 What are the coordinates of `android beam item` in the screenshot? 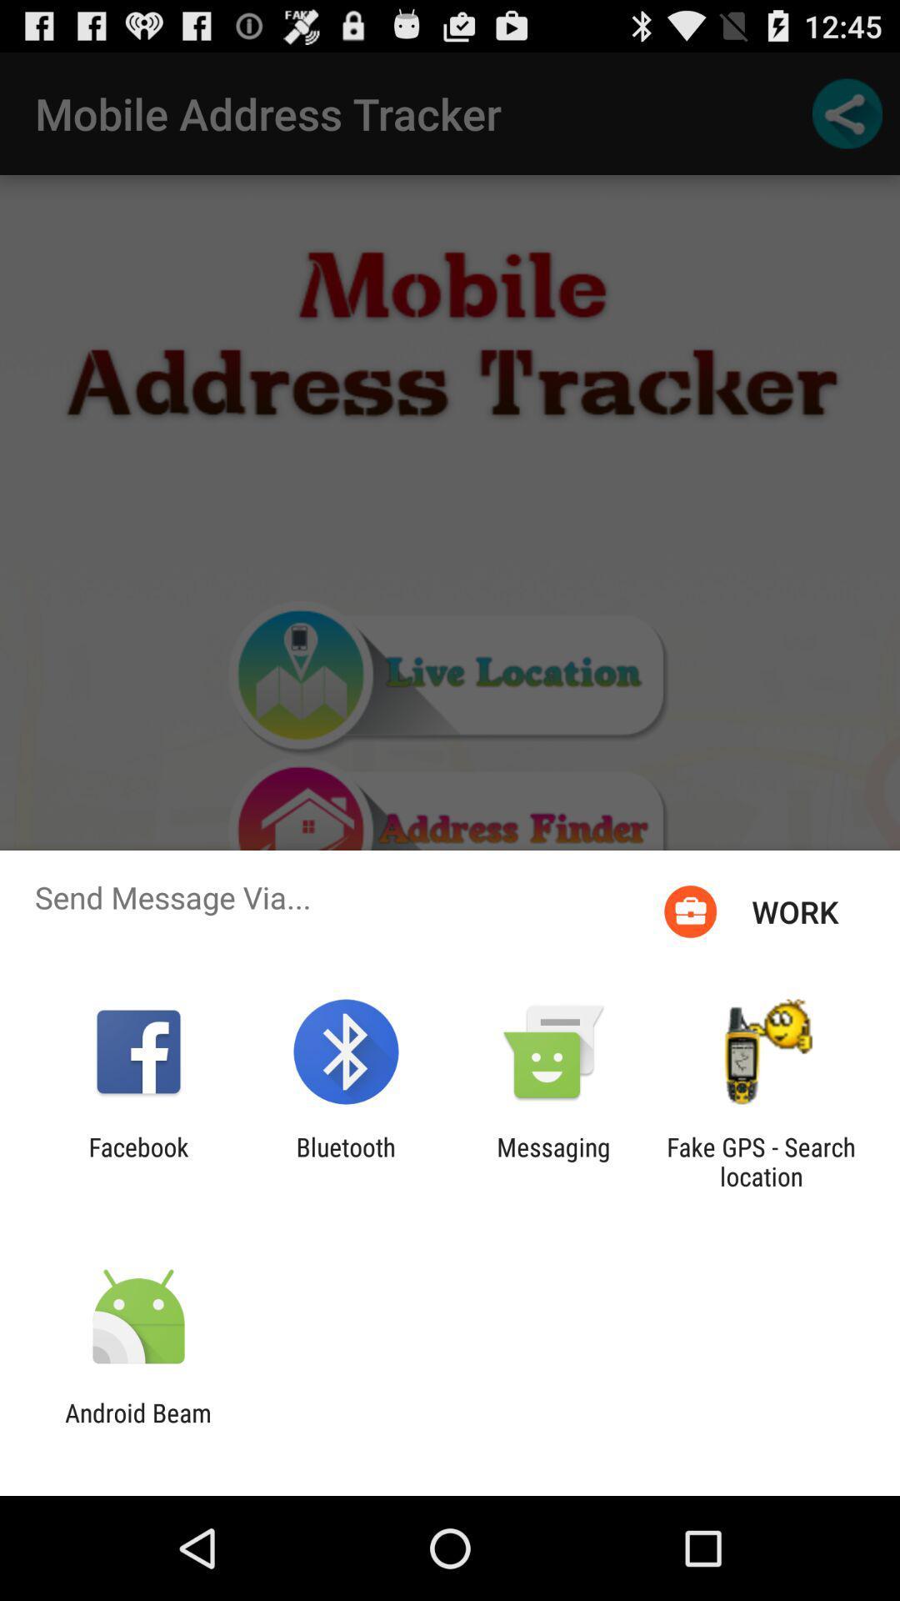 It's located at (137, 1427).